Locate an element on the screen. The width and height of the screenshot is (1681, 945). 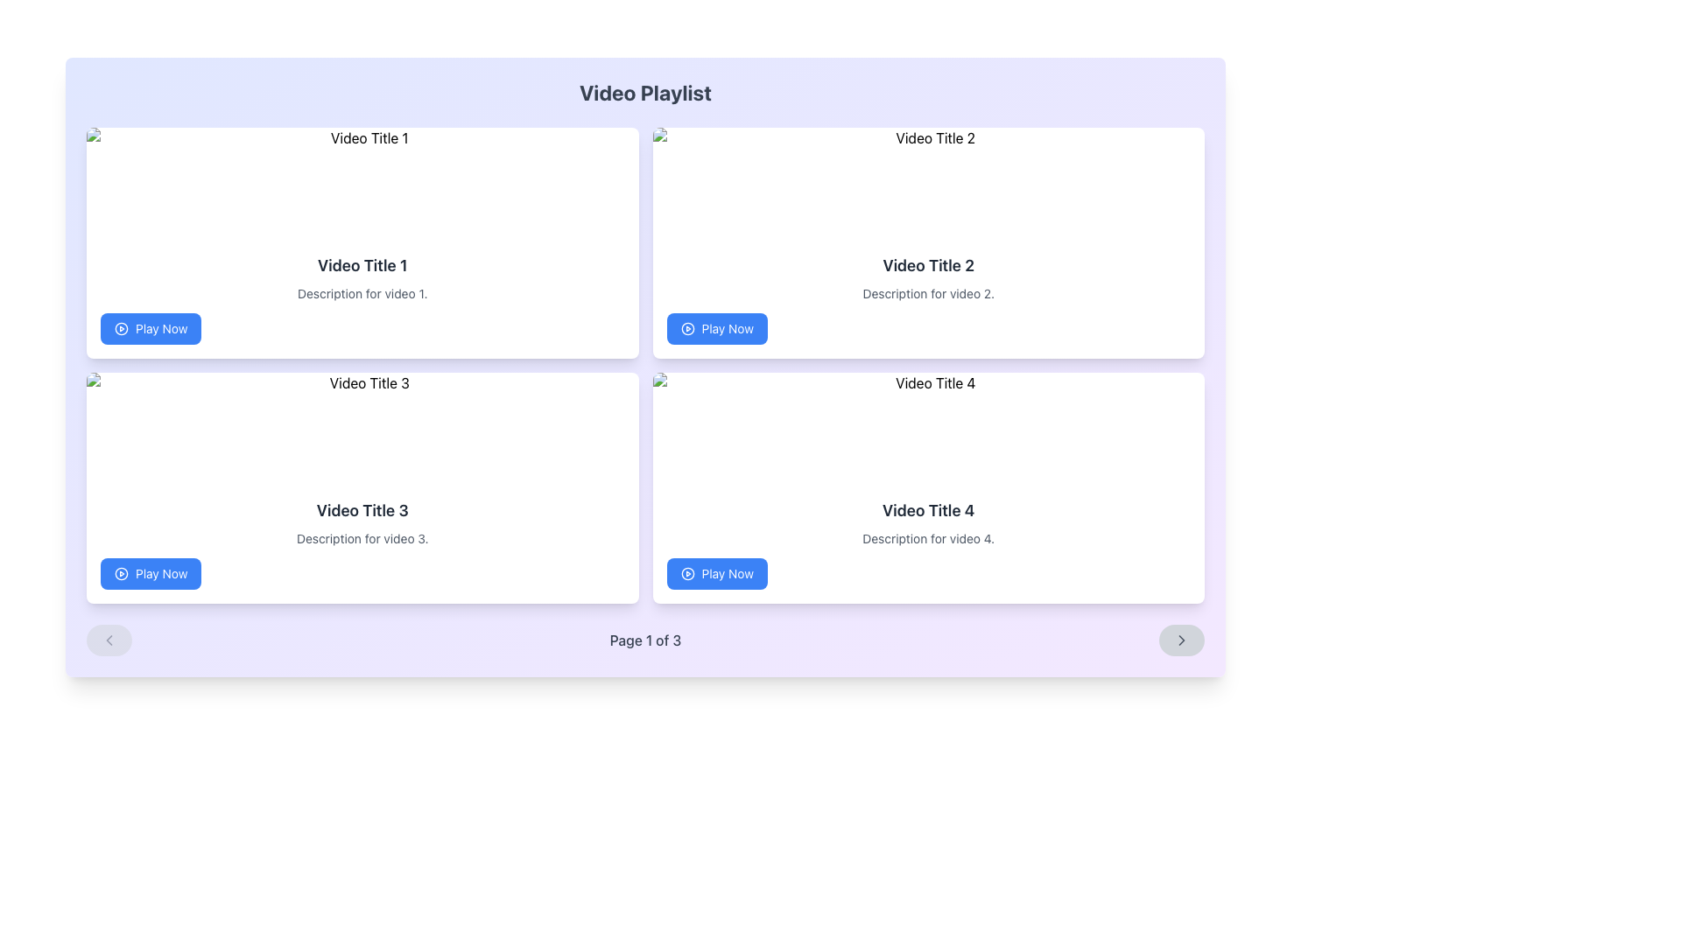
the thumbnail image representing 'Video Title 1' to possibly see a tooltip is located at coordinates (362, 183).